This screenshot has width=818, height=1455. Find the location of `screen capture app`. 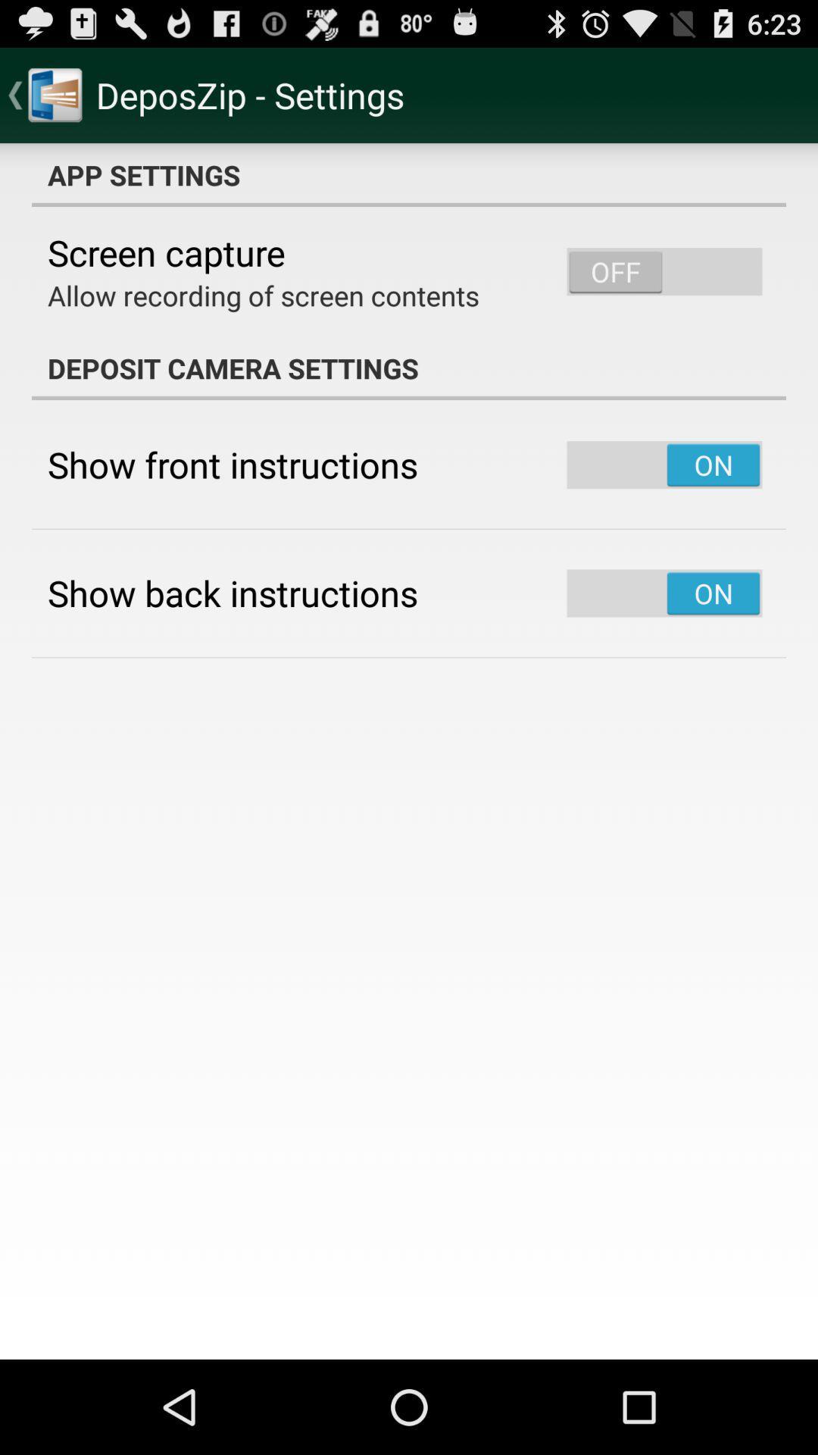

screen capture app is located at coordinates (166, 252).